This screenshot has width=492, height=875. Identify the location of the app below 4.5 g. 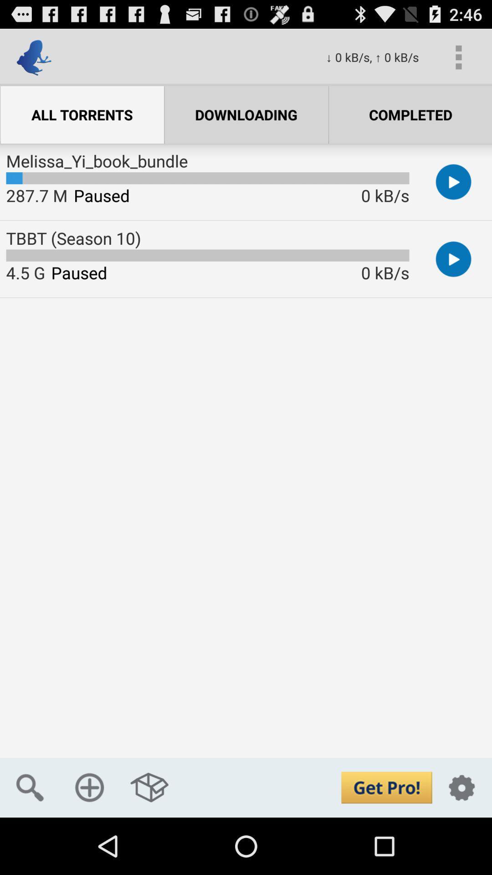
(29, 787).